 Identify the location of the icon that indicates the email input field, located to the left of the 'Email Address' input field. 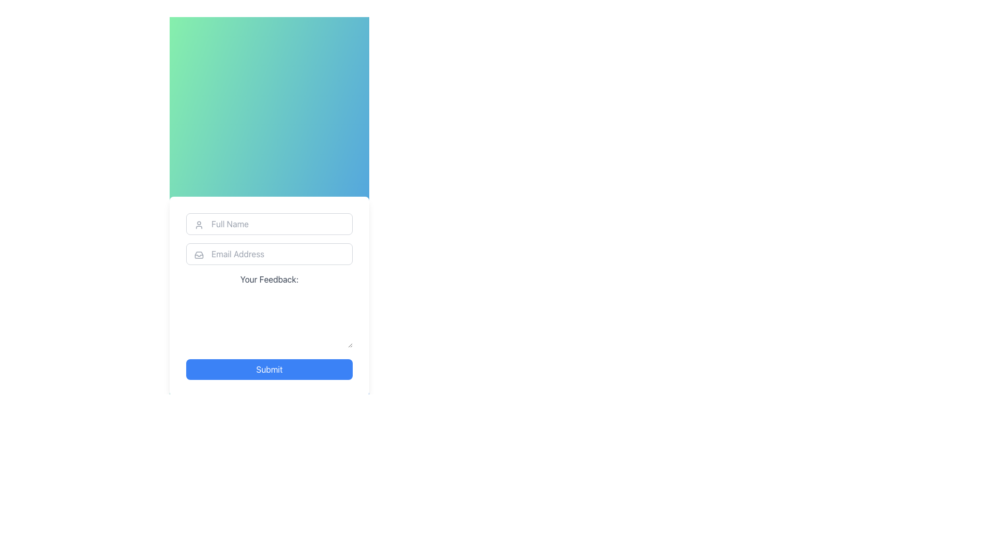
(199, 255).